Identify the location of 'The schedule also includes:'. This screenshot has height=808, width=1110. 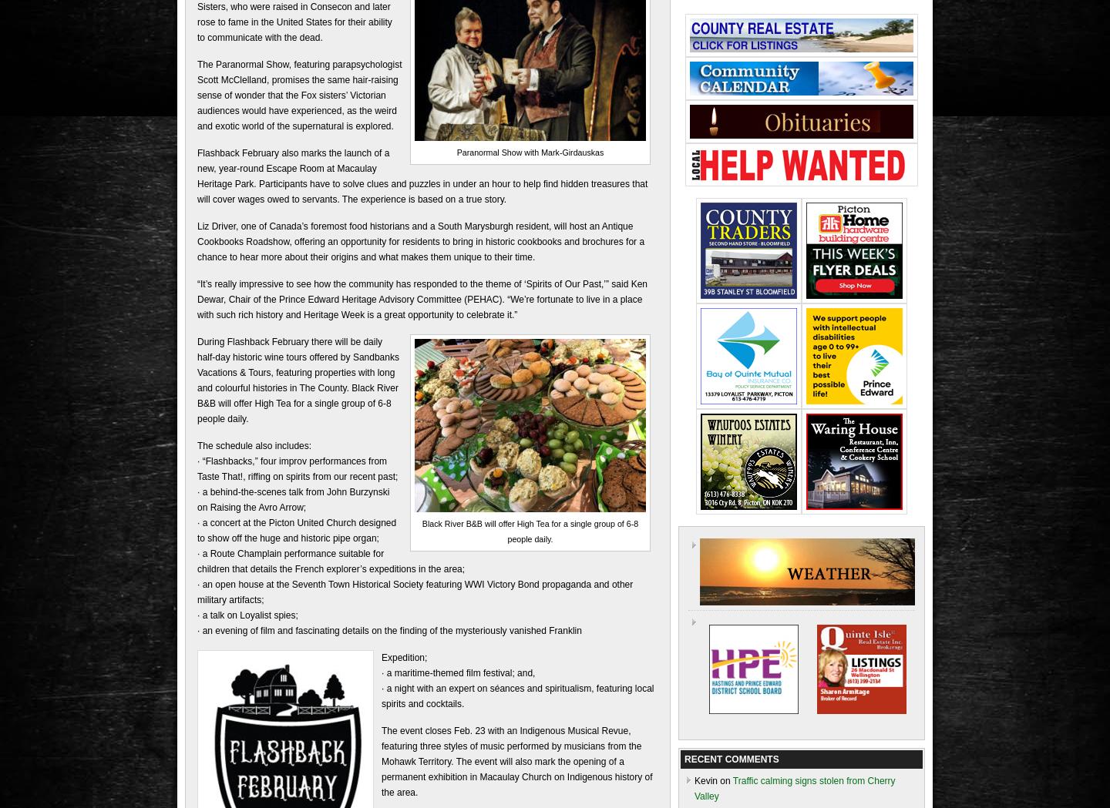
(254, 444).